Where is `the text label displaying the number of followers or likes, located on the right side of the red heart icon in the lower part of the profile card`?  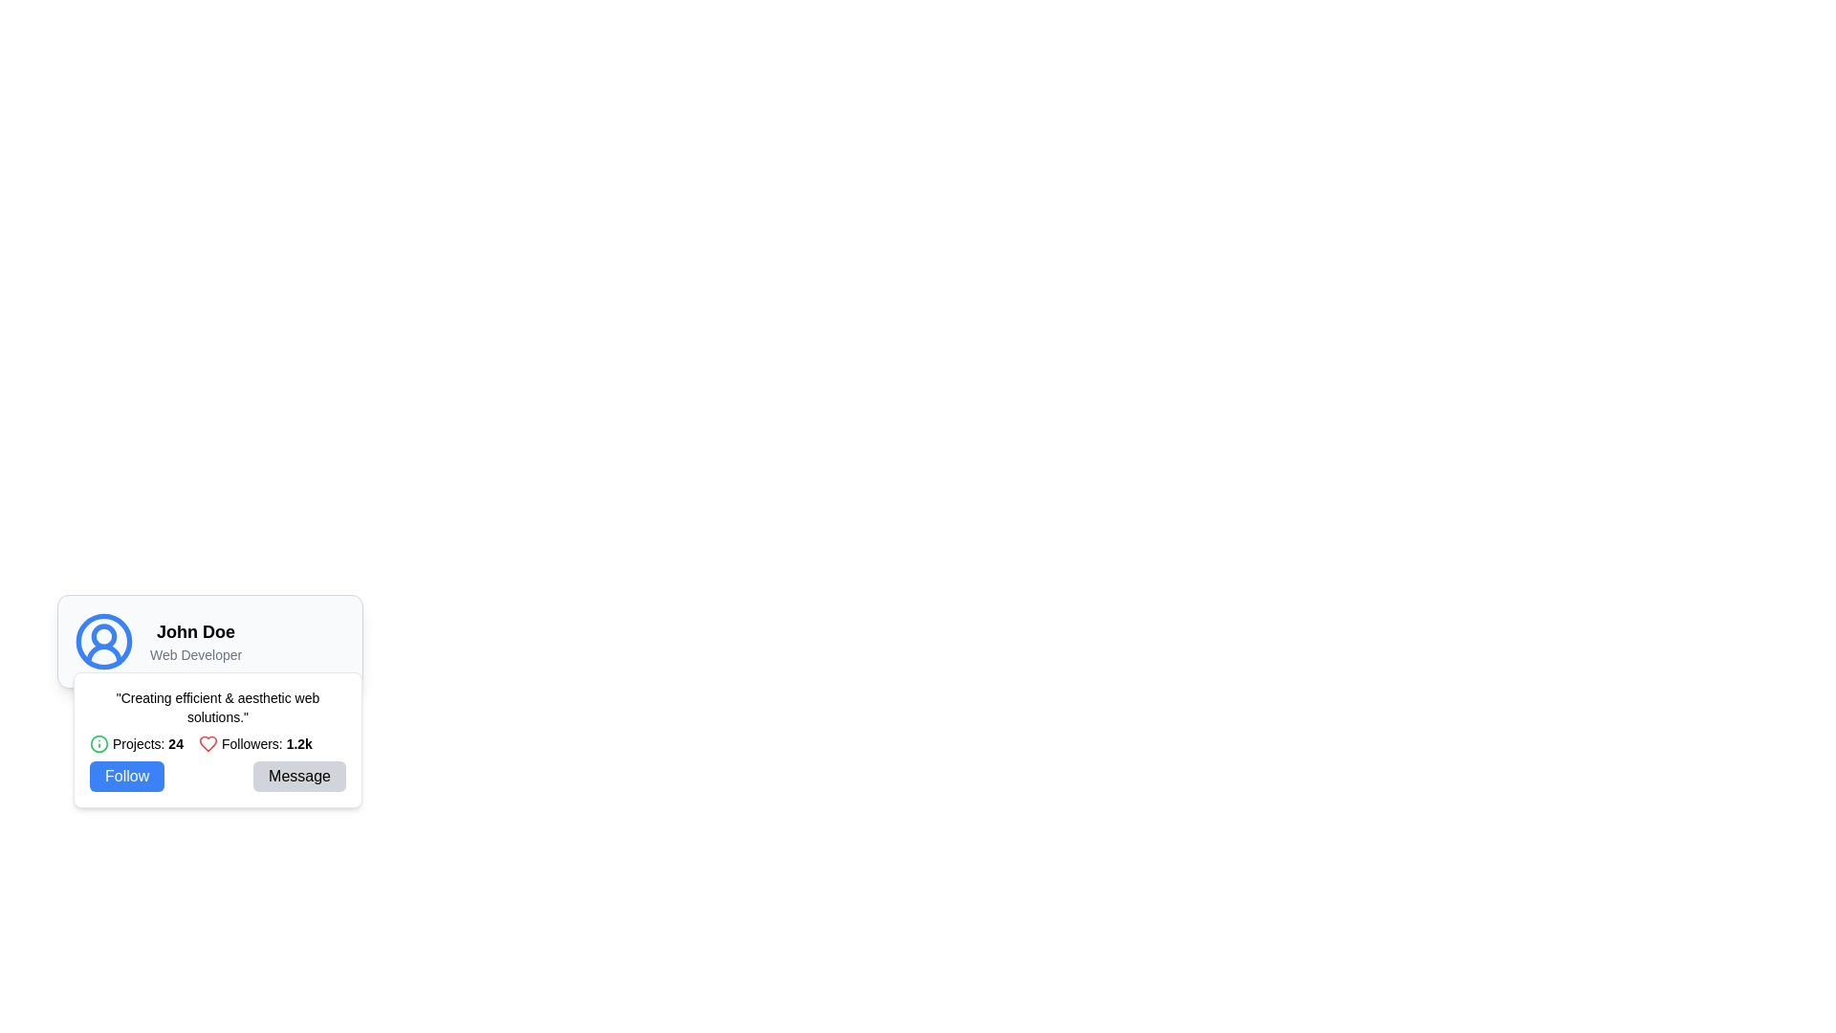
the text label displaying the number of followers or likes, located on the right side of the red heart icon in the lower part of the profile card is located at coordinates (266, 743).